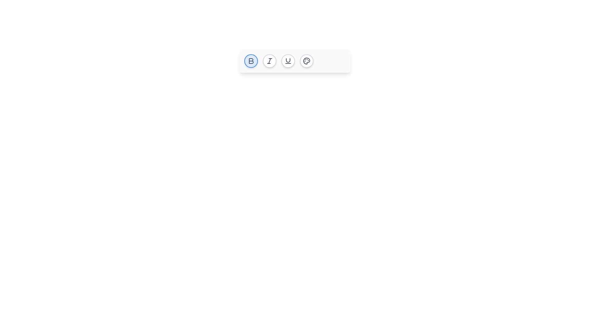 The image size is (593, 333). Describe the element at coordinates (288, 61) in the screenshot. I see `the circular button with a white background and underline icon in the center` at that location.